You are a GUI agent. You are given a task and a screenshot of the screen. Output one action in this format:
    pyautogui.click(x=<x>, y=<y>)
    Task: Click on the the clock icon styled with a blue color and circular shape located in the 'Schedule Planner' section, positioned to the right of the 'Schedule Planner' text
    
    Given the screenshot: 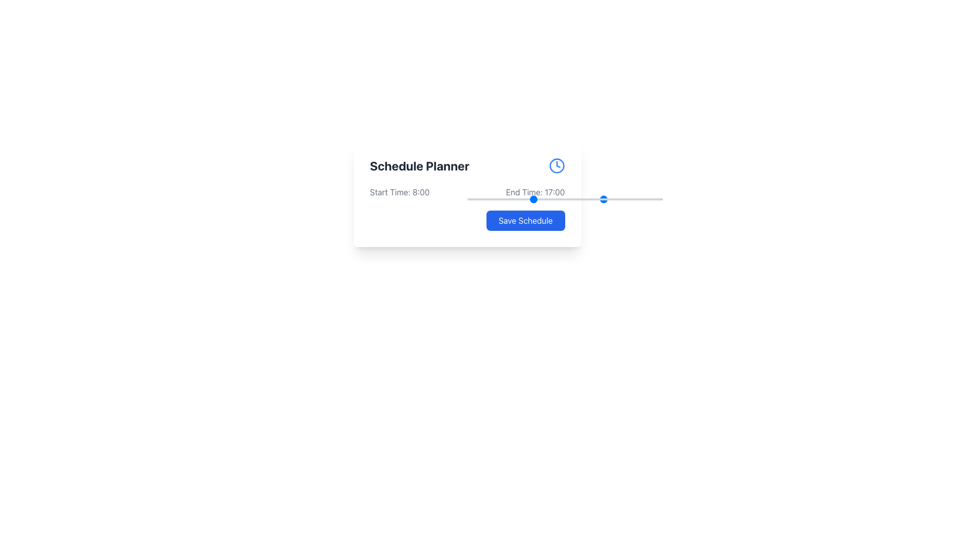 What is the action you would take?
    pyautogui.click(x=556, y=165)
    